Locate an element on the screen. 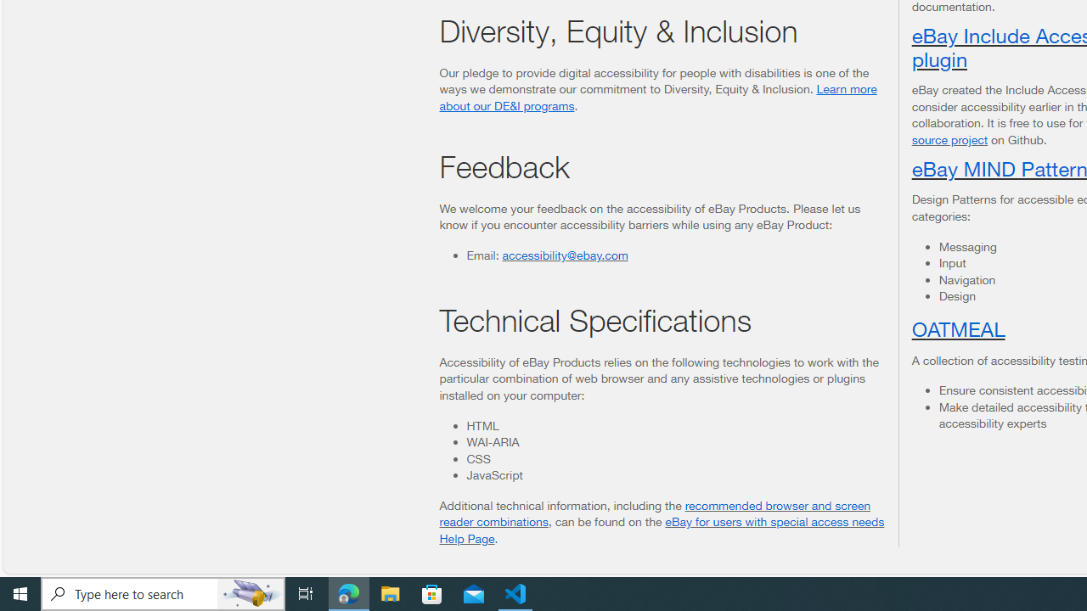  'eBay for users with special access needs Help Page' is located at coordinates (661, 529).